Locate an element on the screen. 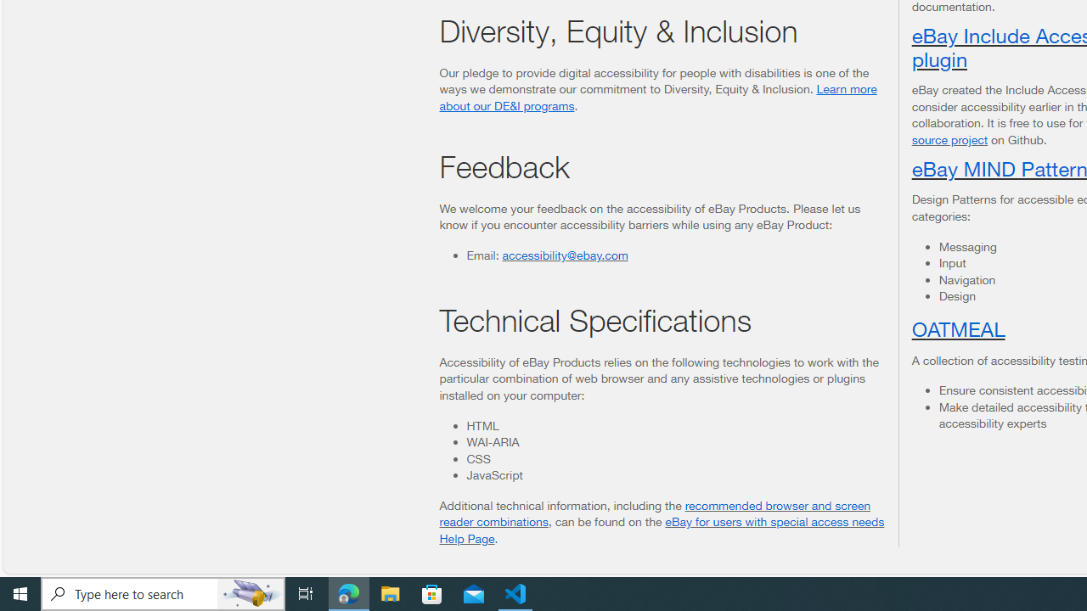  'eBay for users with special access needs Help Page' is located at coordinates (661, 529).